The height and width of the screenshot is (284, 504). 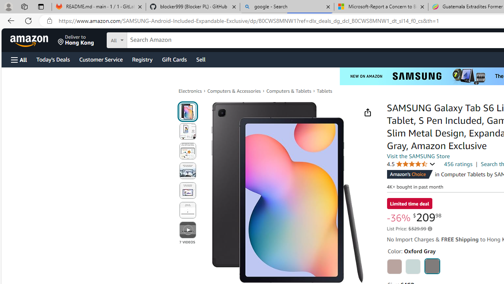 I want to click on '456 ratings', so click(x=458, y=163).